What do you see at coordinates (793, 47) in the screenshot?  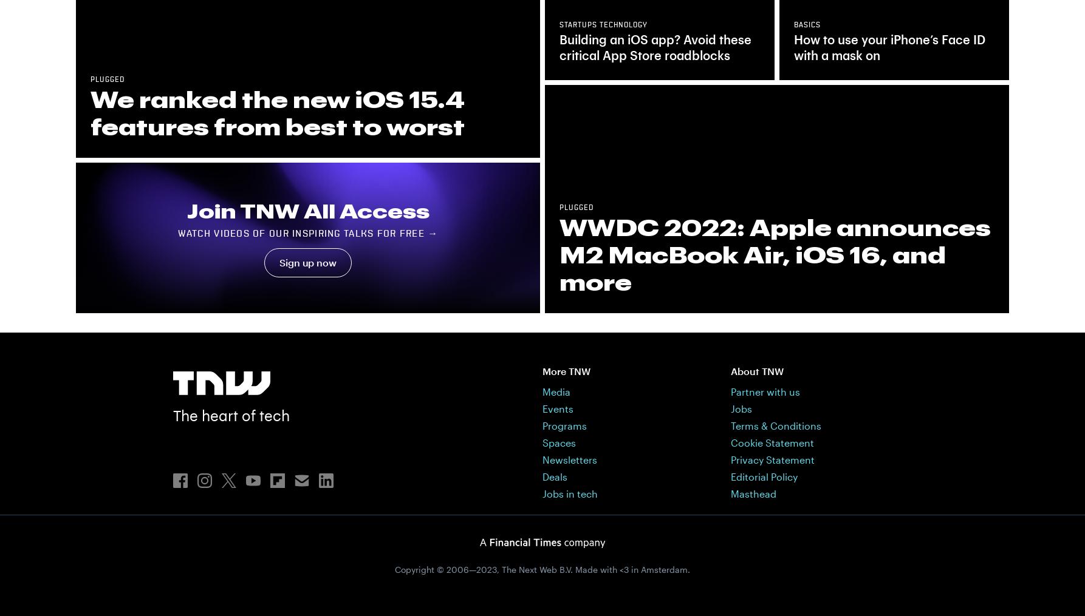 I see `'How to use your iPhone’s Face ID with a mask on'` at bounding box center [793, 47].